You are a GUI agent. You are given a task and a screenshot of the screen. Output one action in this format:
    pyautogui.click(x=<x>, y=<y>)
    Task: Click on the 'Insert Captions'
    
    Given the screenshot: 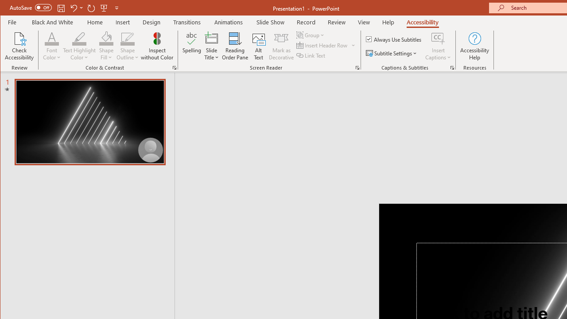 What is the action you would take?
    pyautogui.click(x=438, y=38)
    